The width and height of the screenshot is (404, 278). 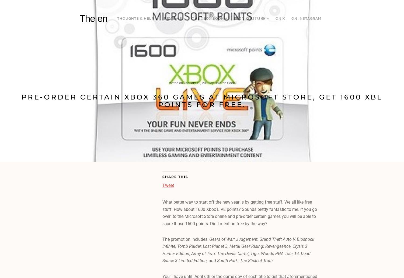 I want to click on 'January 19, 2013', so click(x=196, y=83).